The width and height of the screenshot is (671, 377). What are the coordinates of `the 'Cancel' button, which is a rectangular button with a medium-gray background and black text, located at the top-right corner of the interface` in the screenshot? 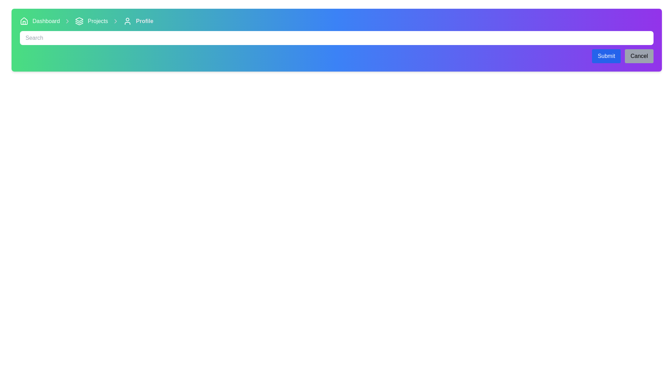 It's located at (639, 56).